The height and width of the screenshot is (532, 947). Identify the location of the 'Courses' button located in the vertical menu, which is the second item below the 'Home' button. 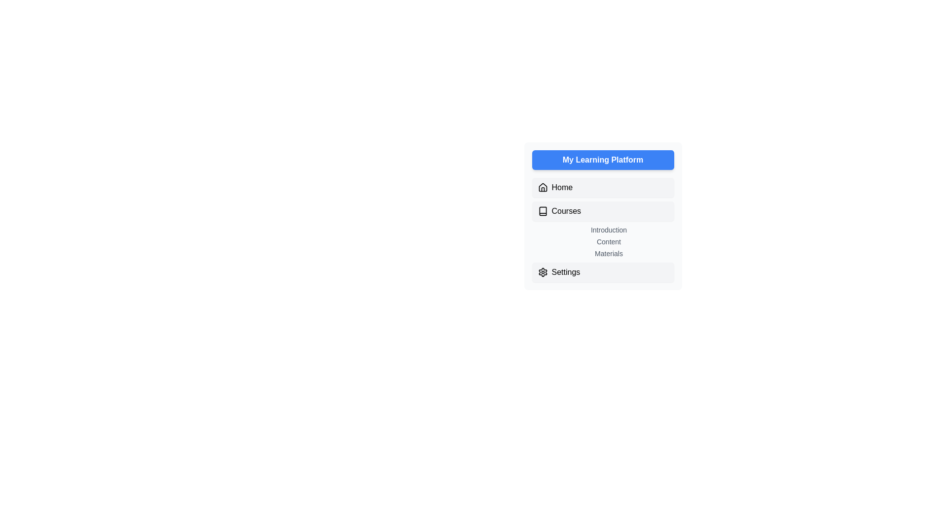
(602, 210).